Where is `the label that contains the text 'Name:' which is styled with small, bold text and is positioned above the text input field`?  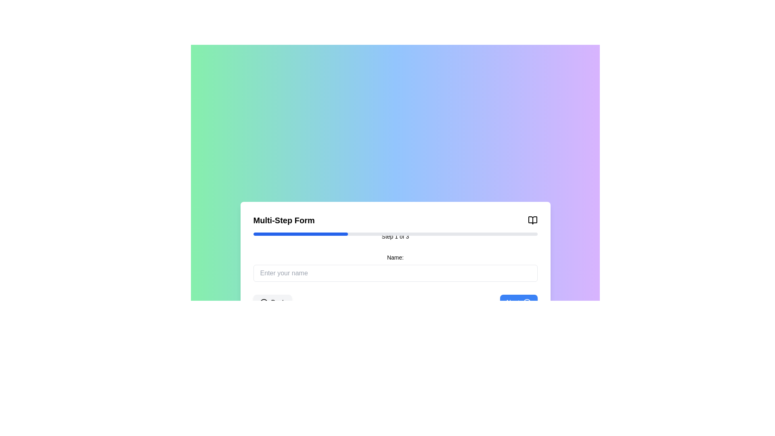
the label that contains the text 'Name:' which is styled with small, bold text and is positioned above the text input field is located at coordinates (395, 257).